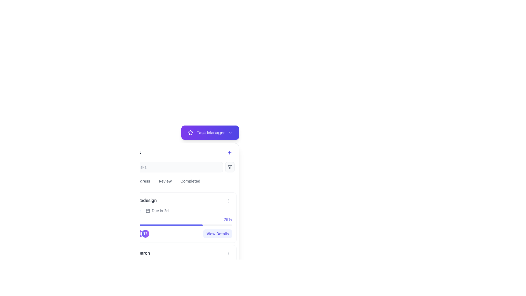  Describe the element at coordinates (190, 181) in the screenshot. I see `the 'Completed' button, which is the fourth button in a row of four buttons located centrally under the label 'All'` at that location.